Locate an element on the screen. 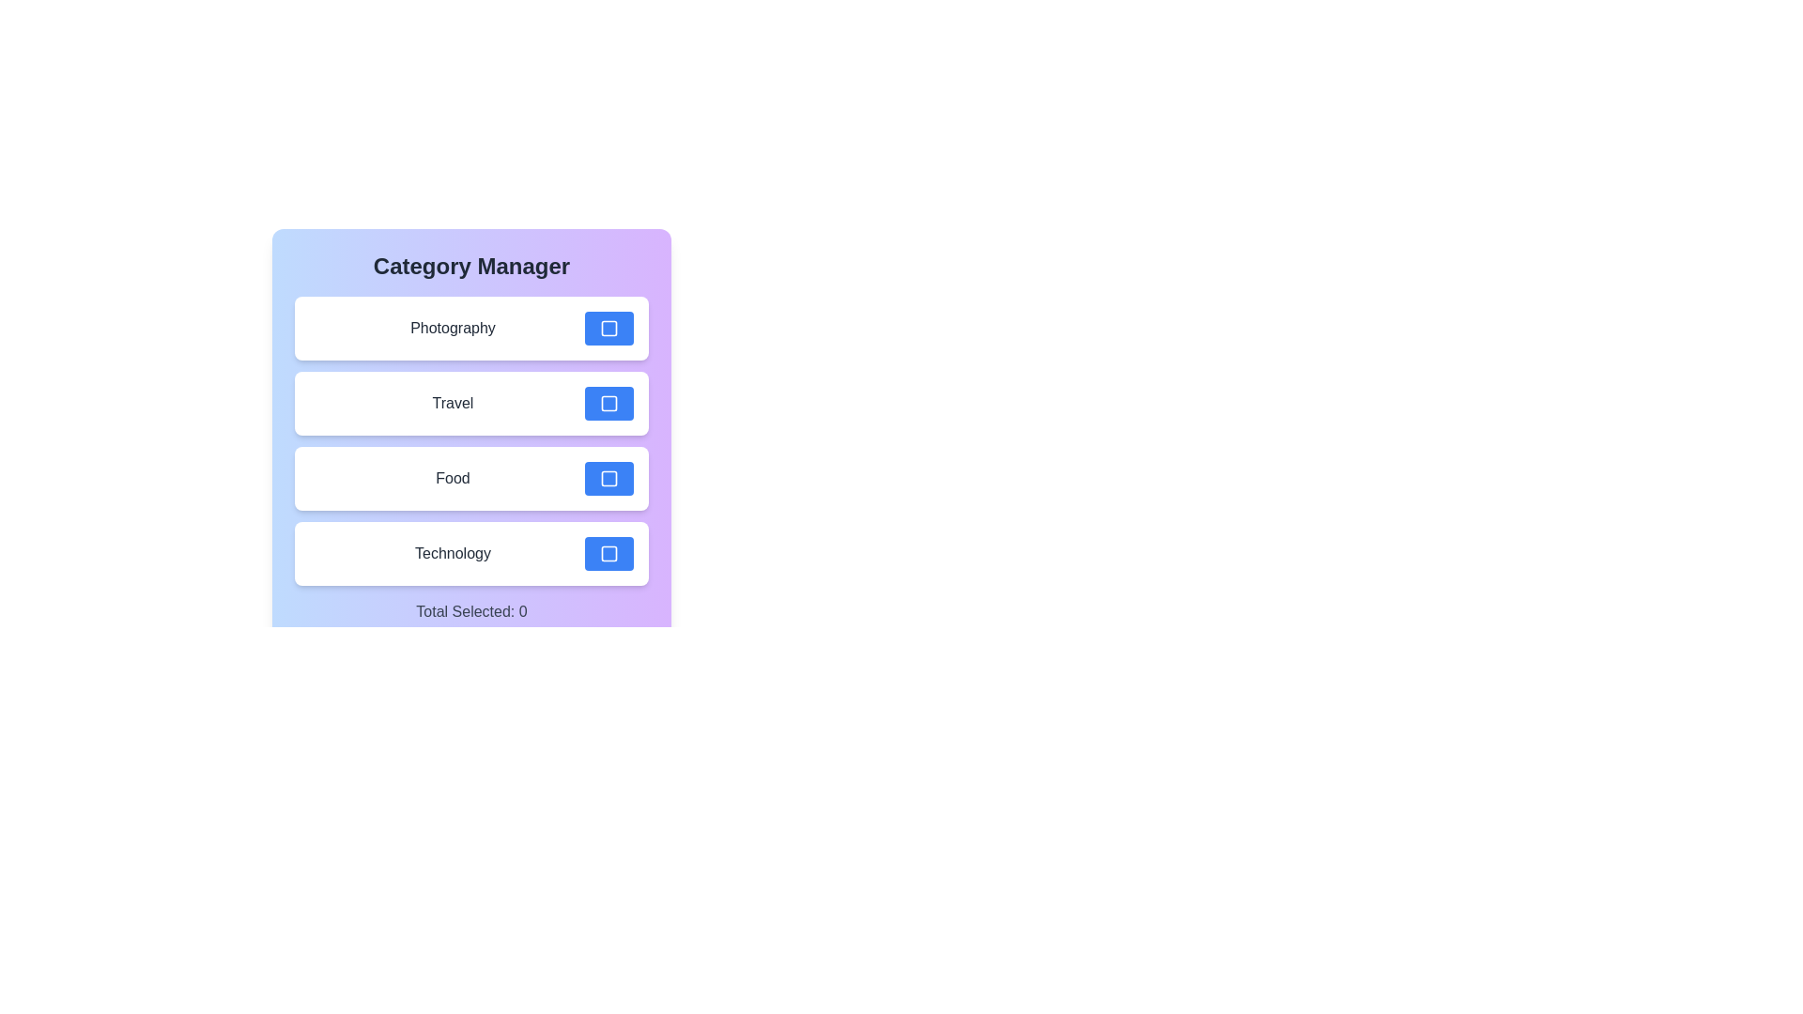  the toggle button for the Travel category is located at coordinates (609, 402).